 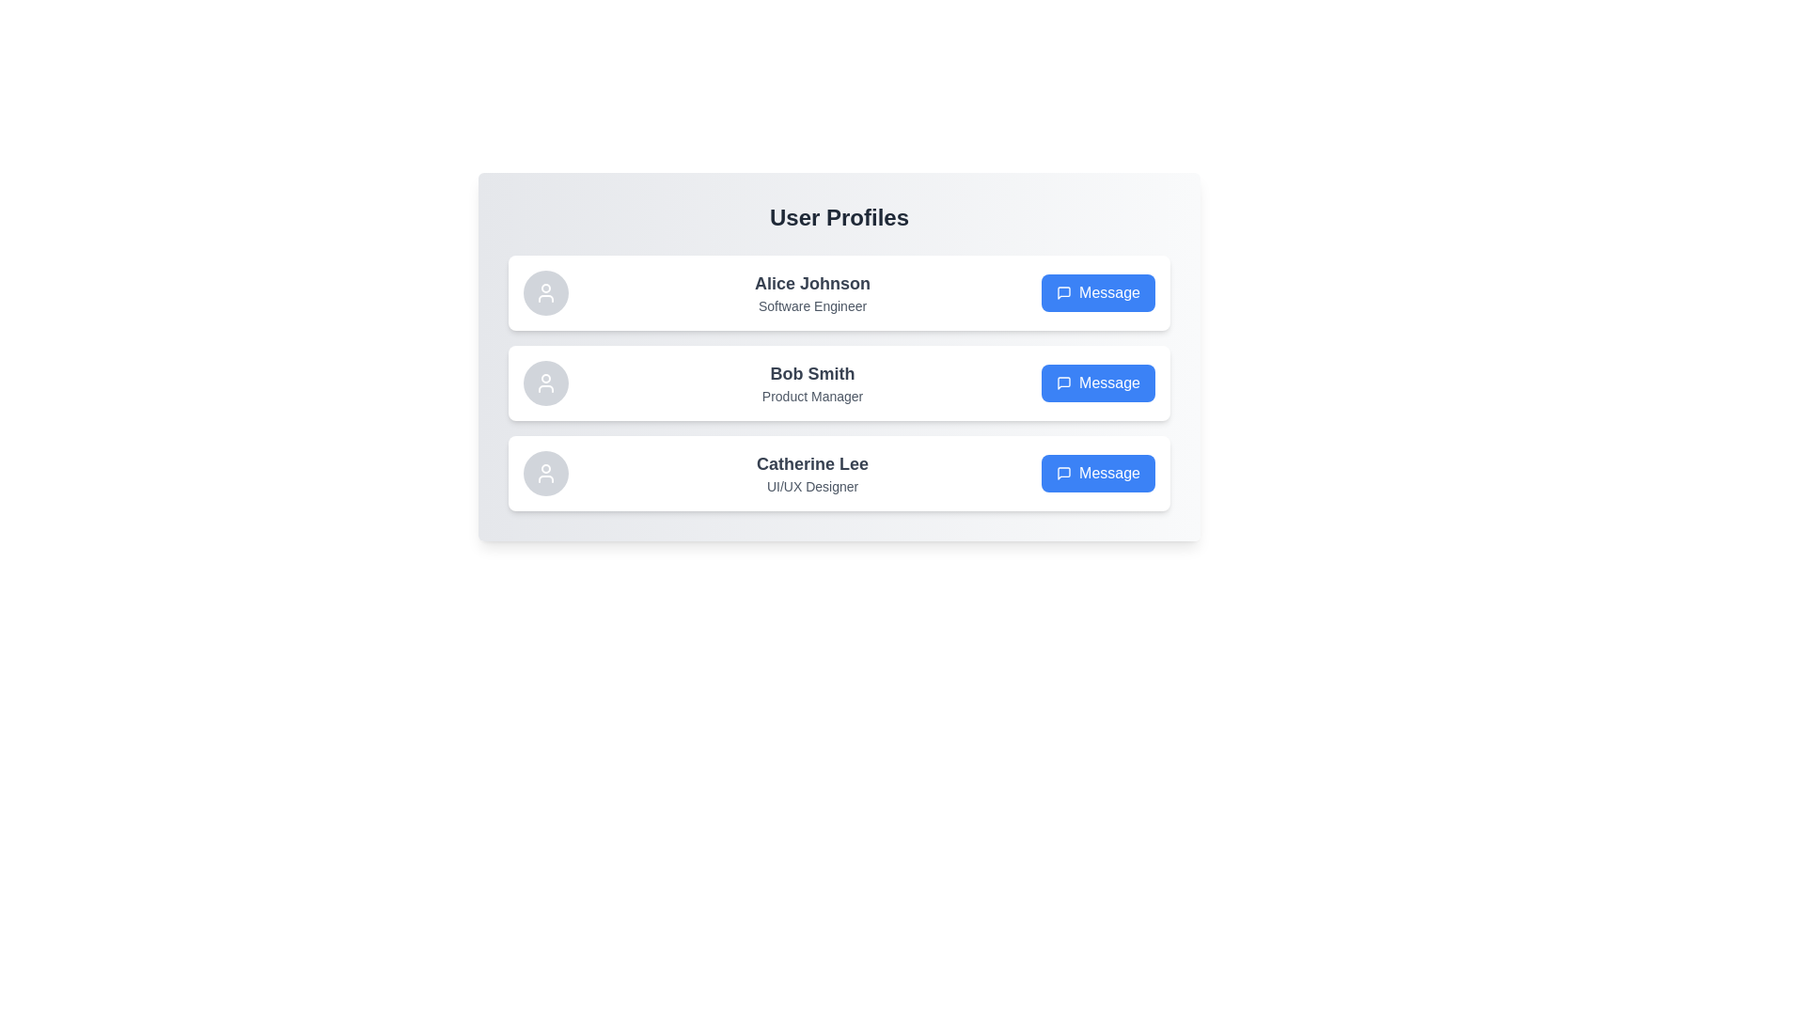 I want to click on the user profile of Alice Johnson, so click(x=838, y=293).